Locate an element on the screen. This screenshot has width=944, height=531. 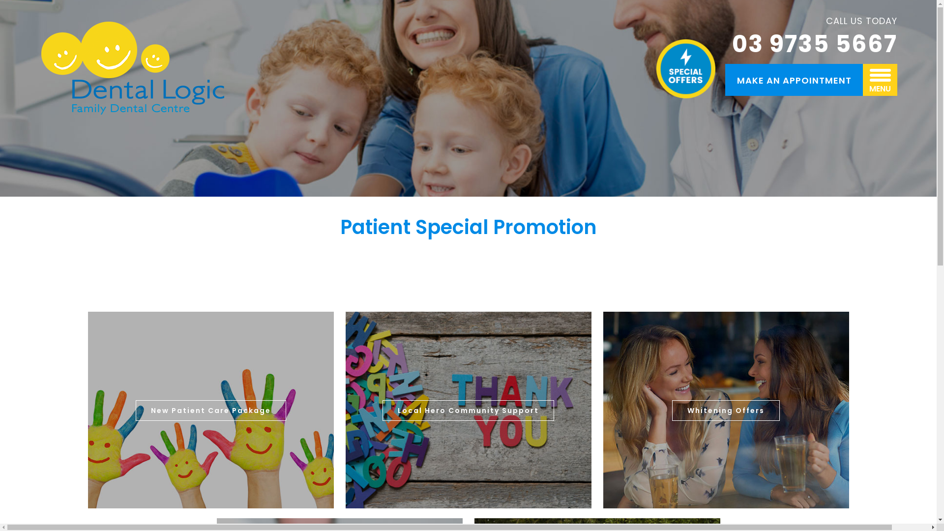
'New Patient Care Package' is located at coordinates (210, 410).